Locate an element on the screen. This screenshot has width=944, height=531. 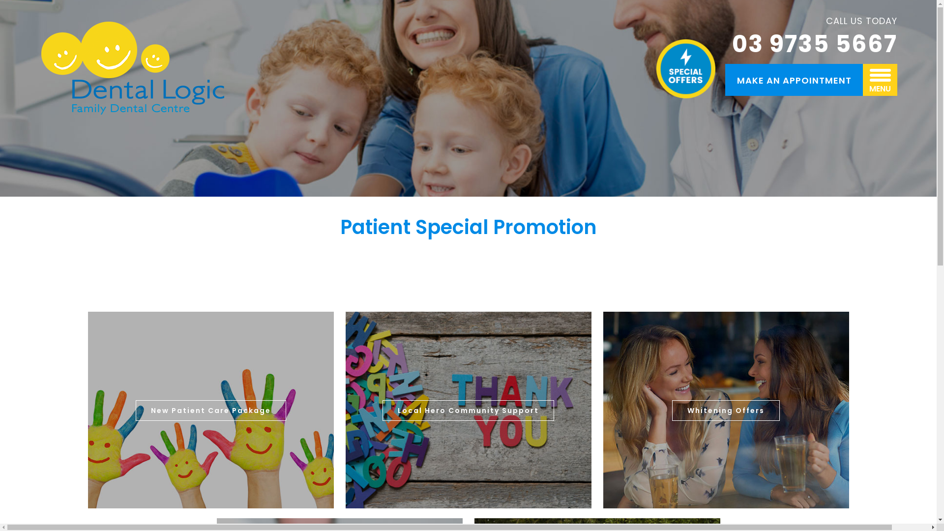
'New Patient Care Package' is located at coordinates (210, 410).